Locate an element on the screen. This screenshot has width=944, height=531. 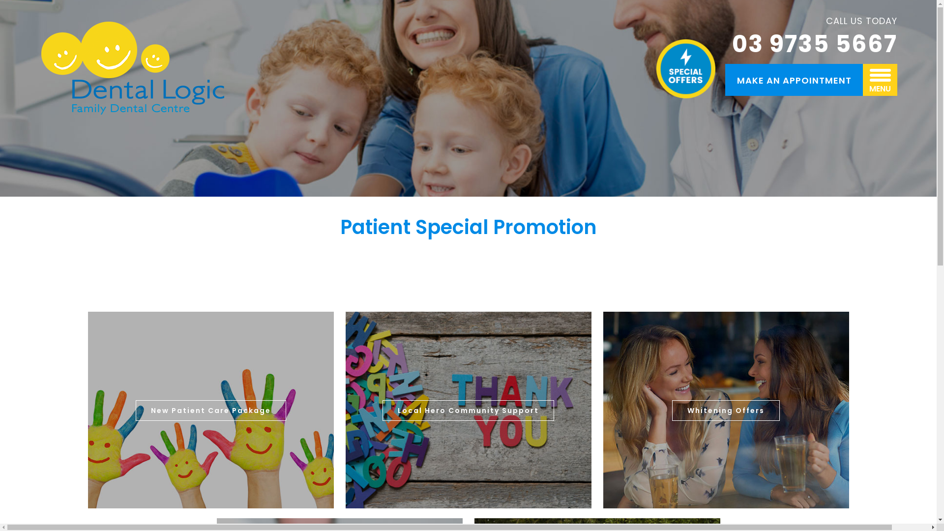
'New Patient Care Package' is located at coordinates (210, 410).